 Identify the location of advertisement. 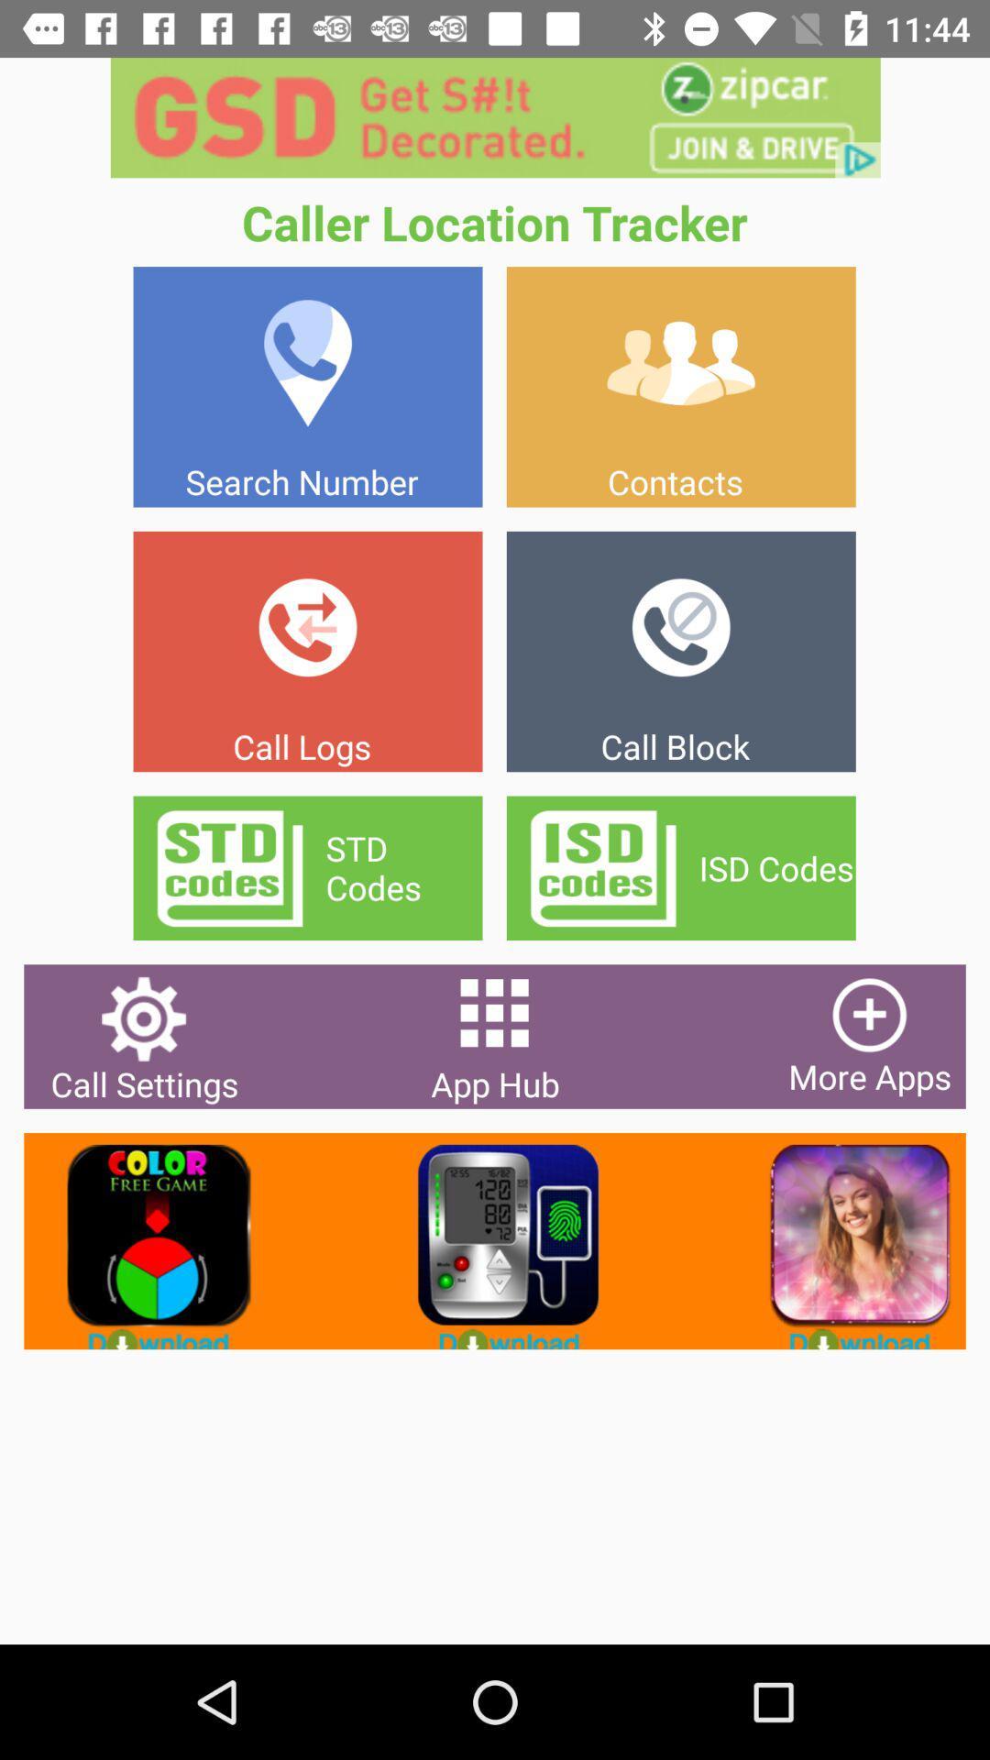
(845, 1241).